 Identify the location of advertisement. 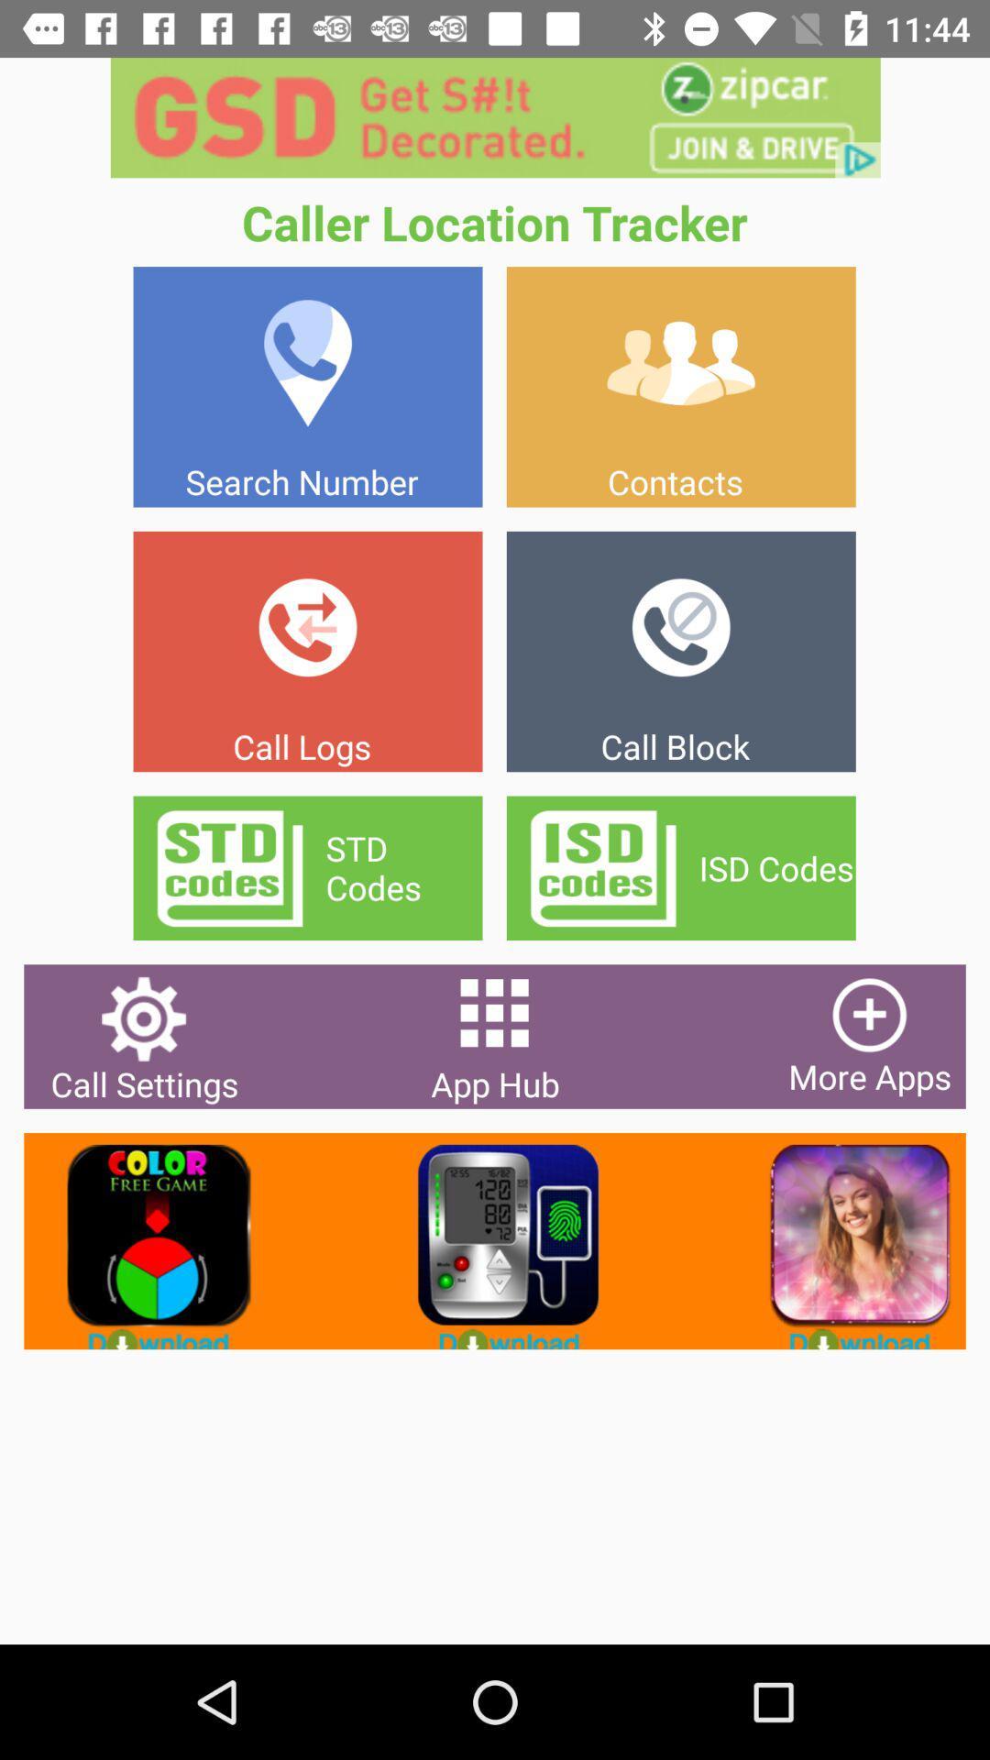
(845, 1241).